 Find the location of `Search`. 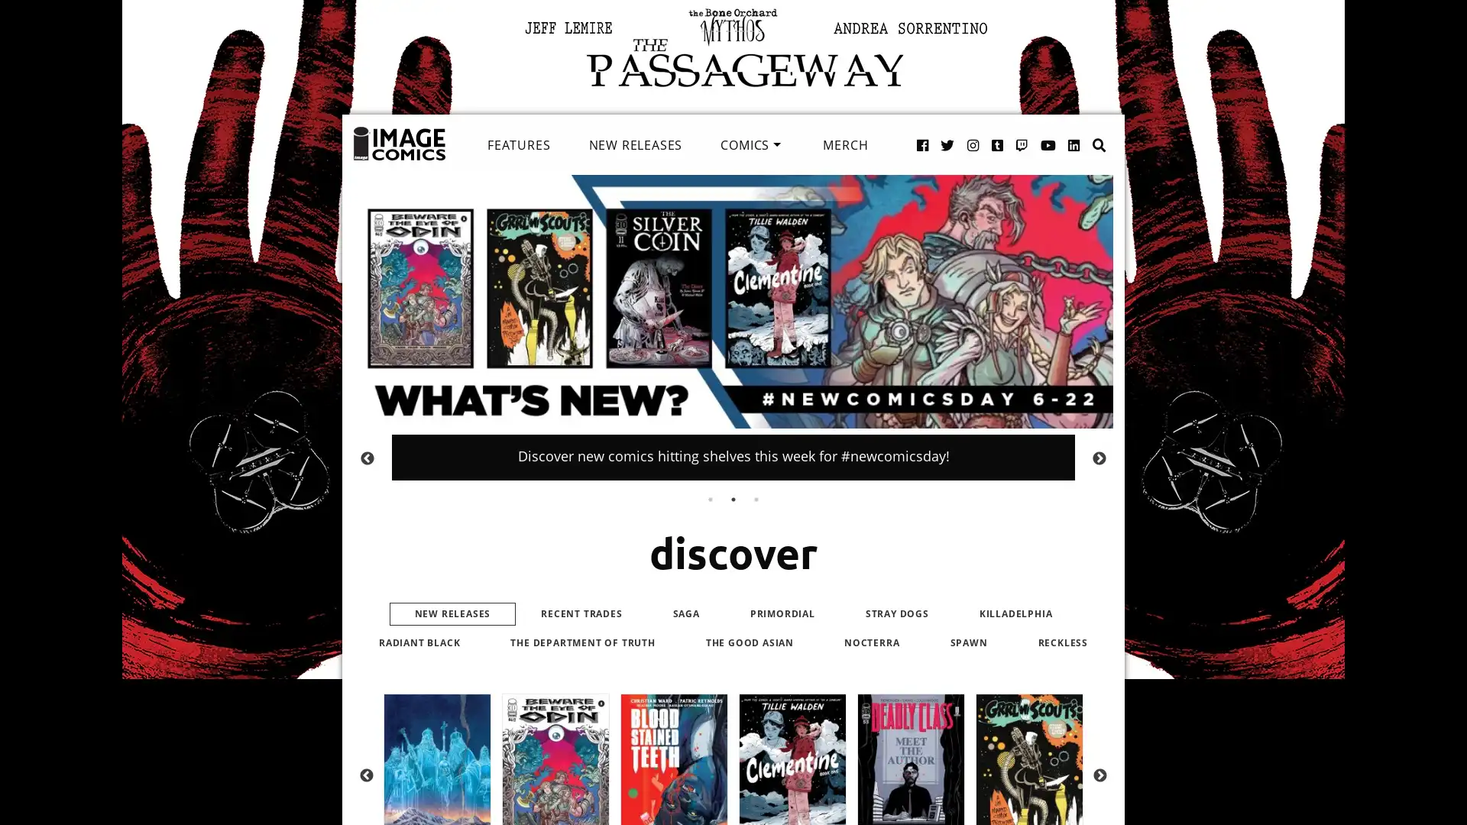

Search is located at coordinates (1083, 128).